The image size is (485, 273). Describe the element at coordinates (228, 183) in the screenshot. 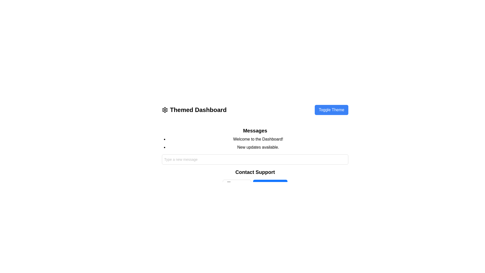

I see `the small mail icon, which is centrally positioned below the 'Contact Support' label` at that location.